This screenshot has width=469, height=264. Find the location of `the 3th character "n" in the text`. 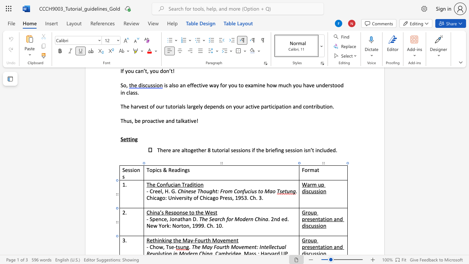

the 3th character "n" in the text is located at coordinates (190, 219).